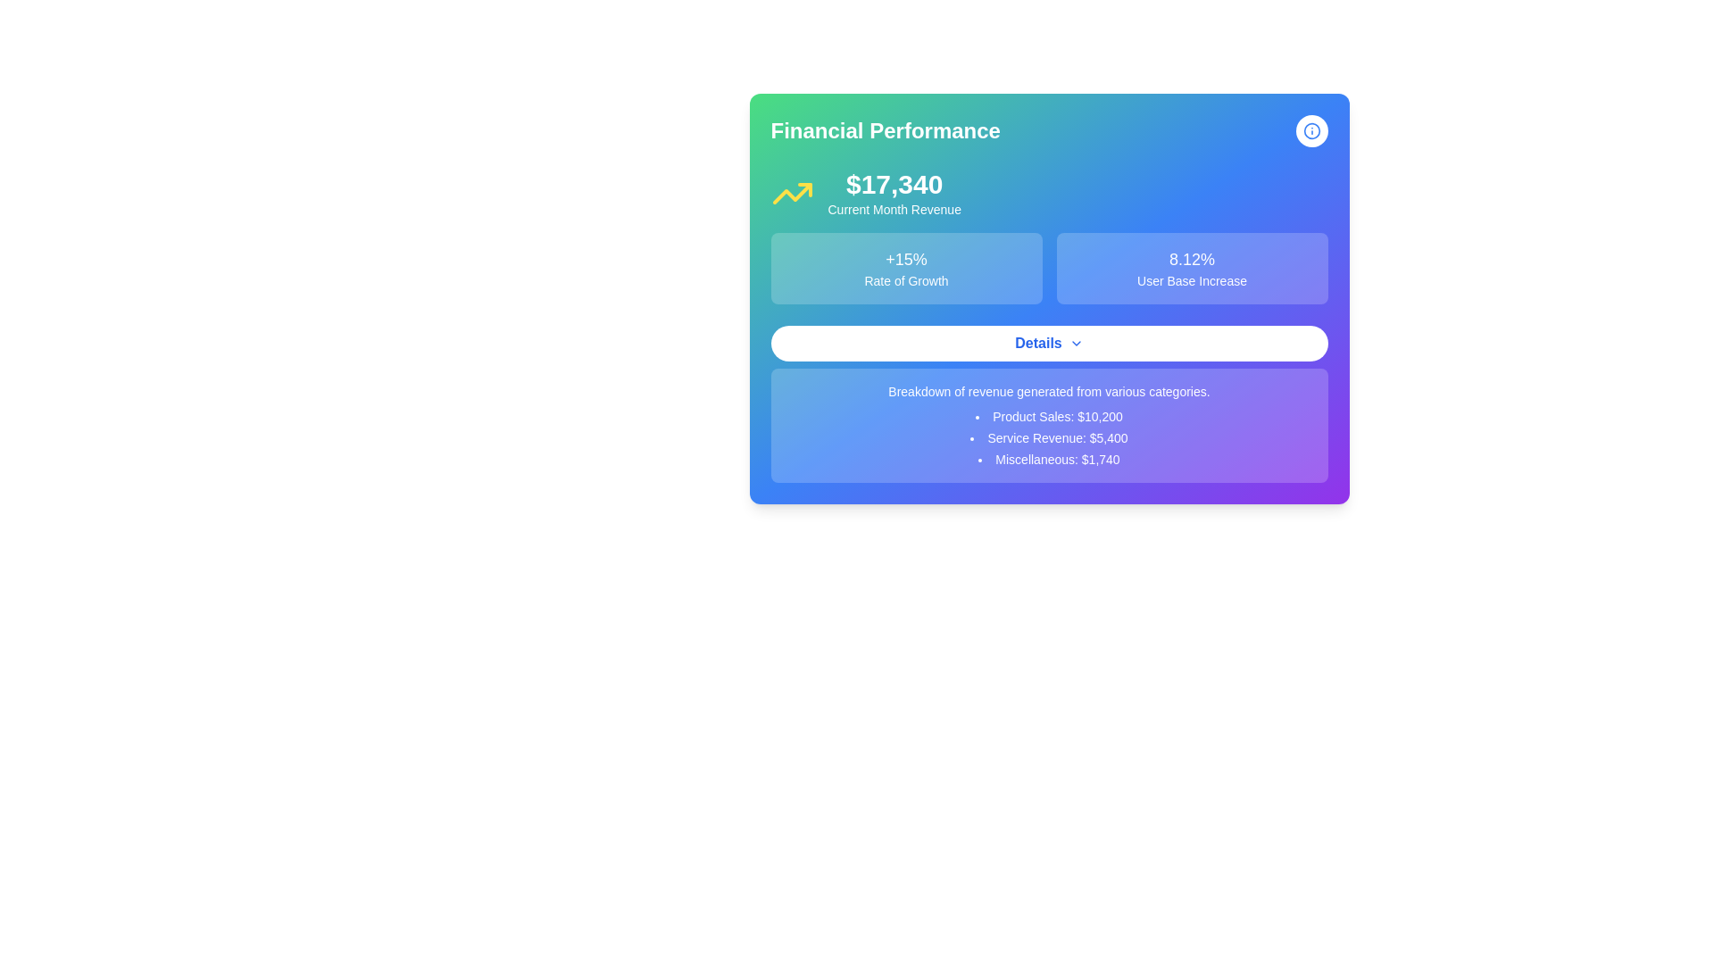 The height and width of the screenshot is (964, 1714). What do you see at coordinates (1311, 129) in the screenshot?
I see `the circular icon button with an information symbol, located in the top-right corner of the card` at bounding box center [1311, 129].